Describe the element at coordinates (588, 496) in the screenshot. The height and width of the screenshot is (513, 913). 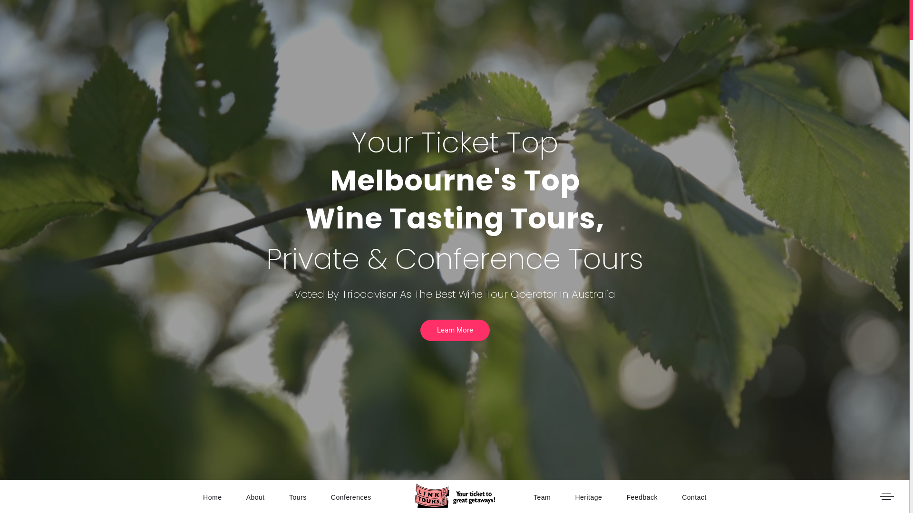
I see `'Heritage'` at that location.